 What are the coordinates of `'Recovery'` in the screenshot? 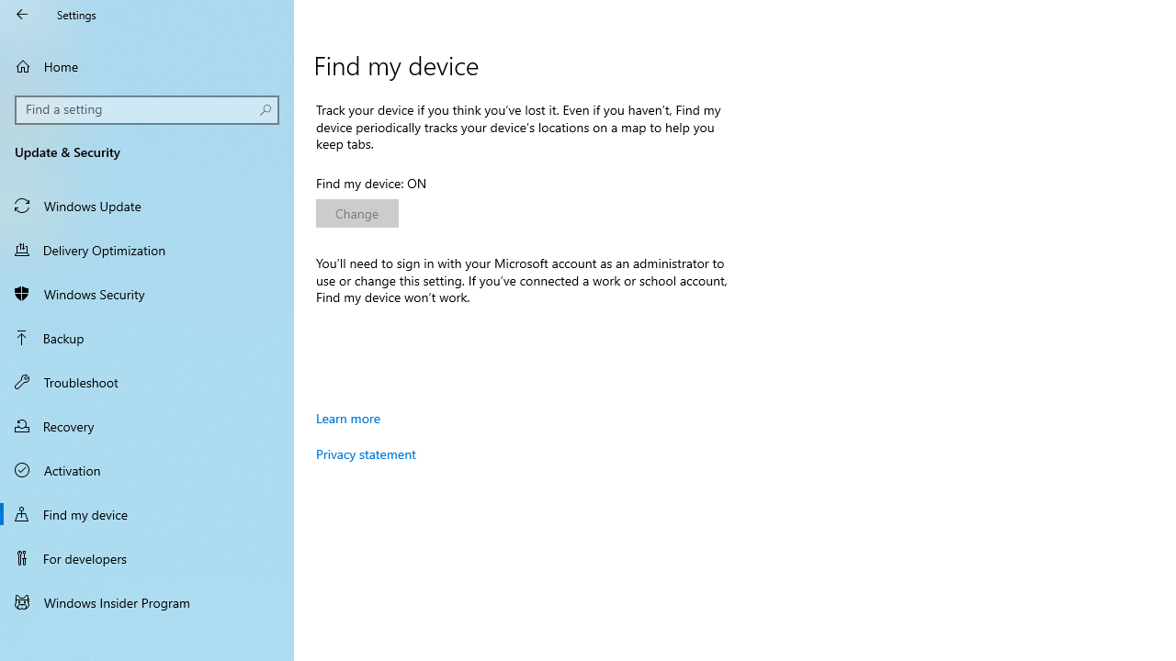 It's located at (147, 426).